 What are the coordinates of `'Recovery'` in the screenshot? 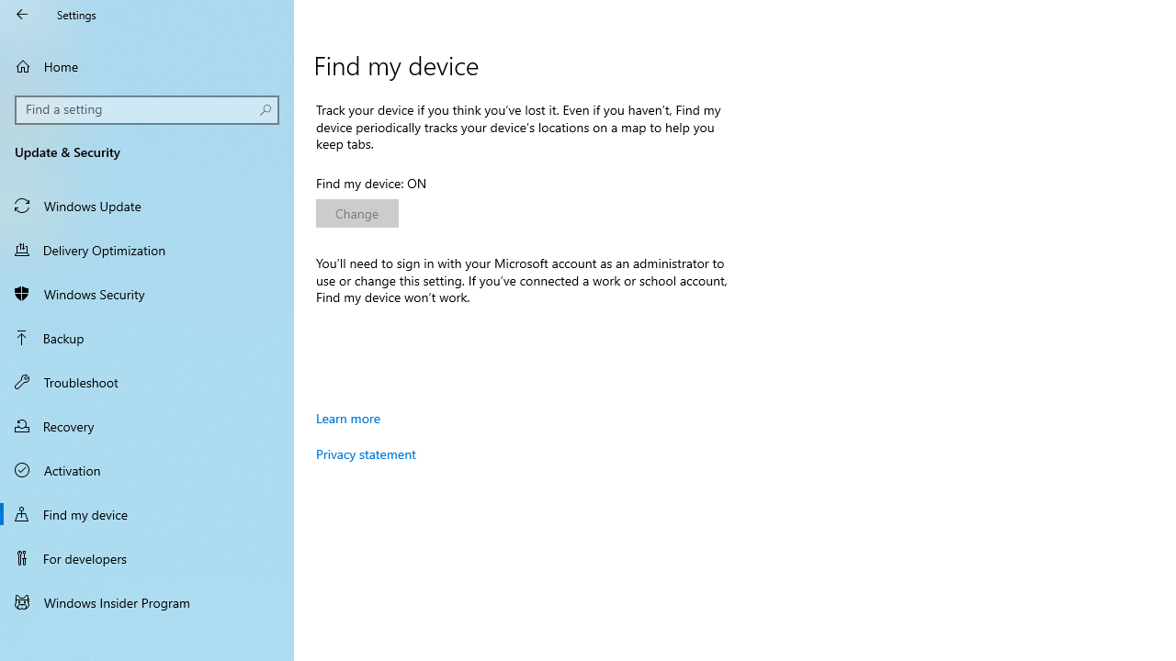 It's located at (147, 426).